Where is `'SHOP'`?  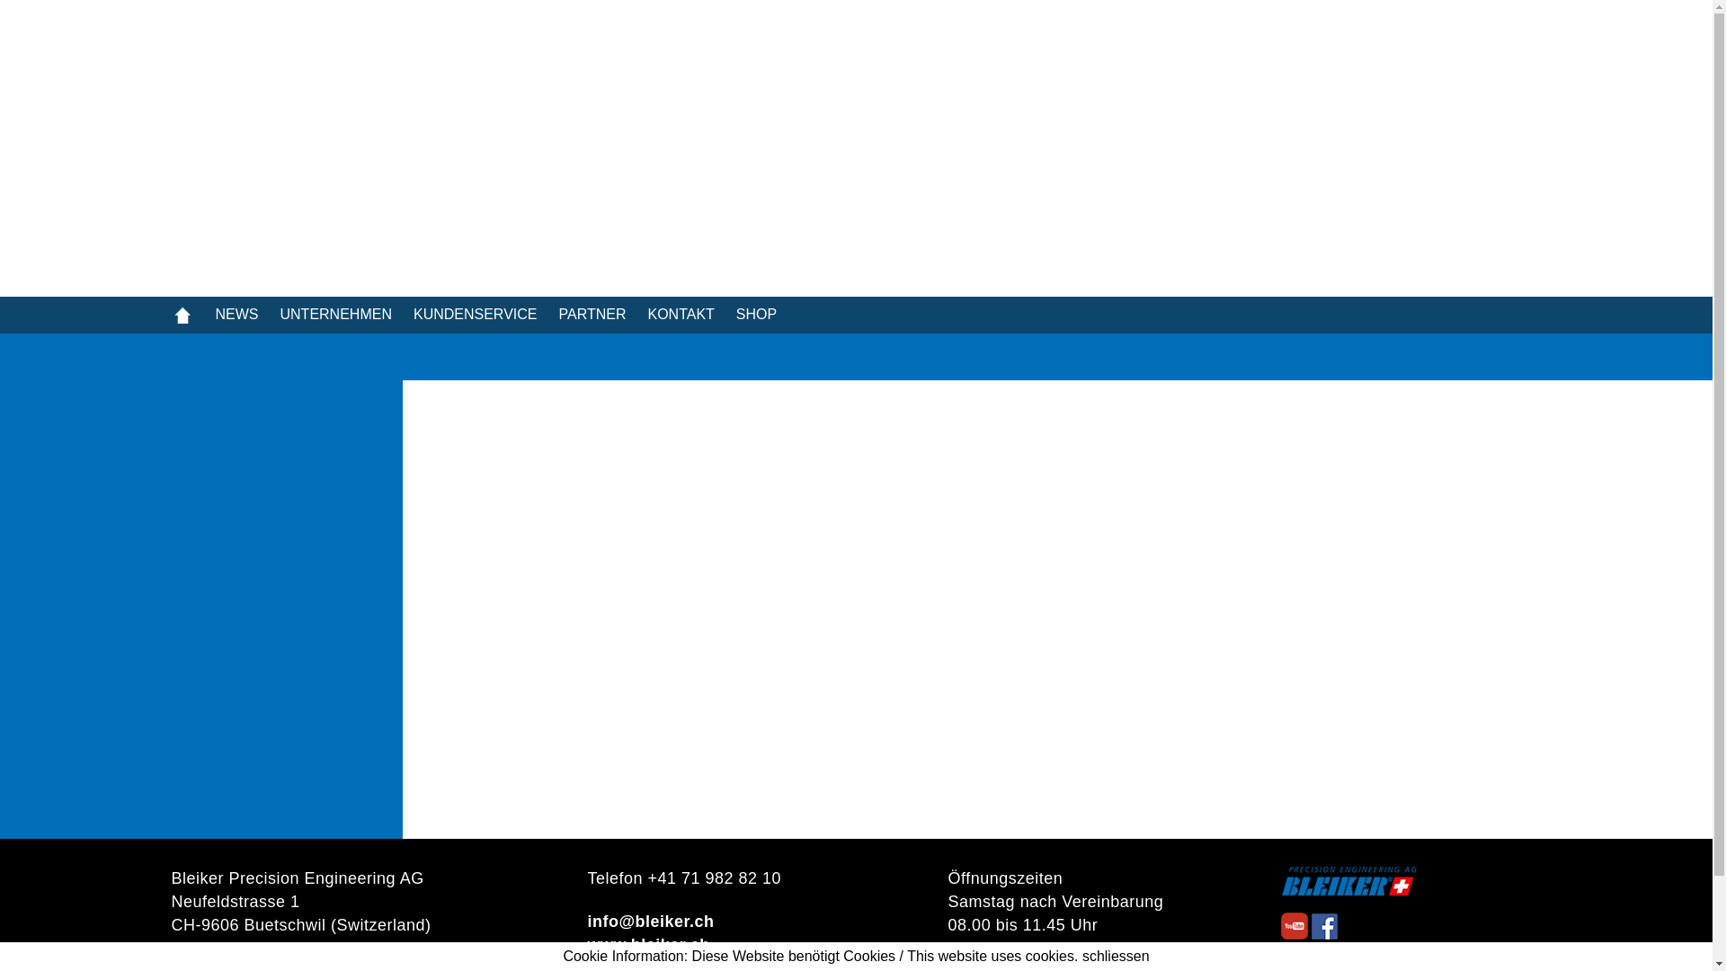 'SHOP' is located at coordinates (767, 313).